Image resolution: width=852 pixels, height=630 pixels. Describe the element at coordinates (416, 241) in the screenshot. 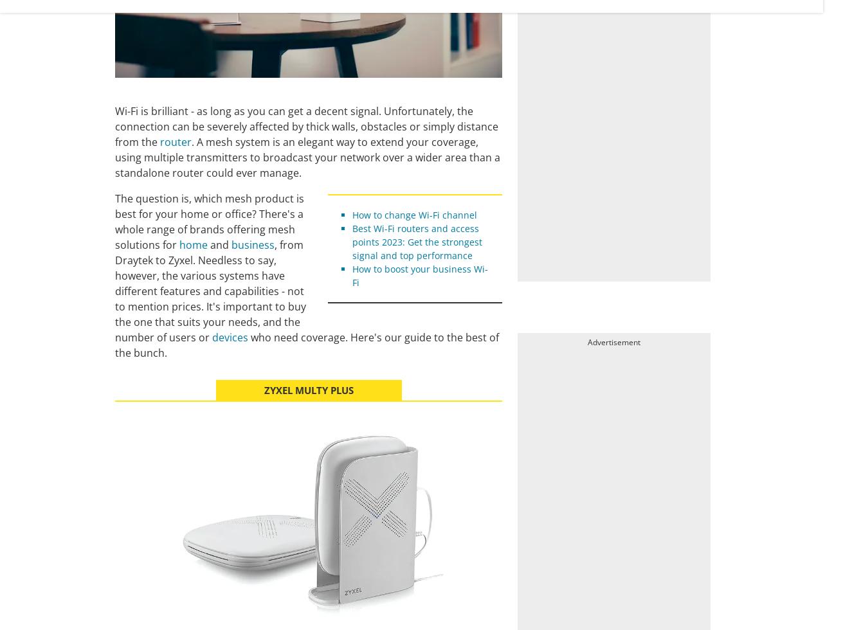

I see `'Best Wi-Fi routers and access points 2023: Get the strongest signal and top performance'` at that location.